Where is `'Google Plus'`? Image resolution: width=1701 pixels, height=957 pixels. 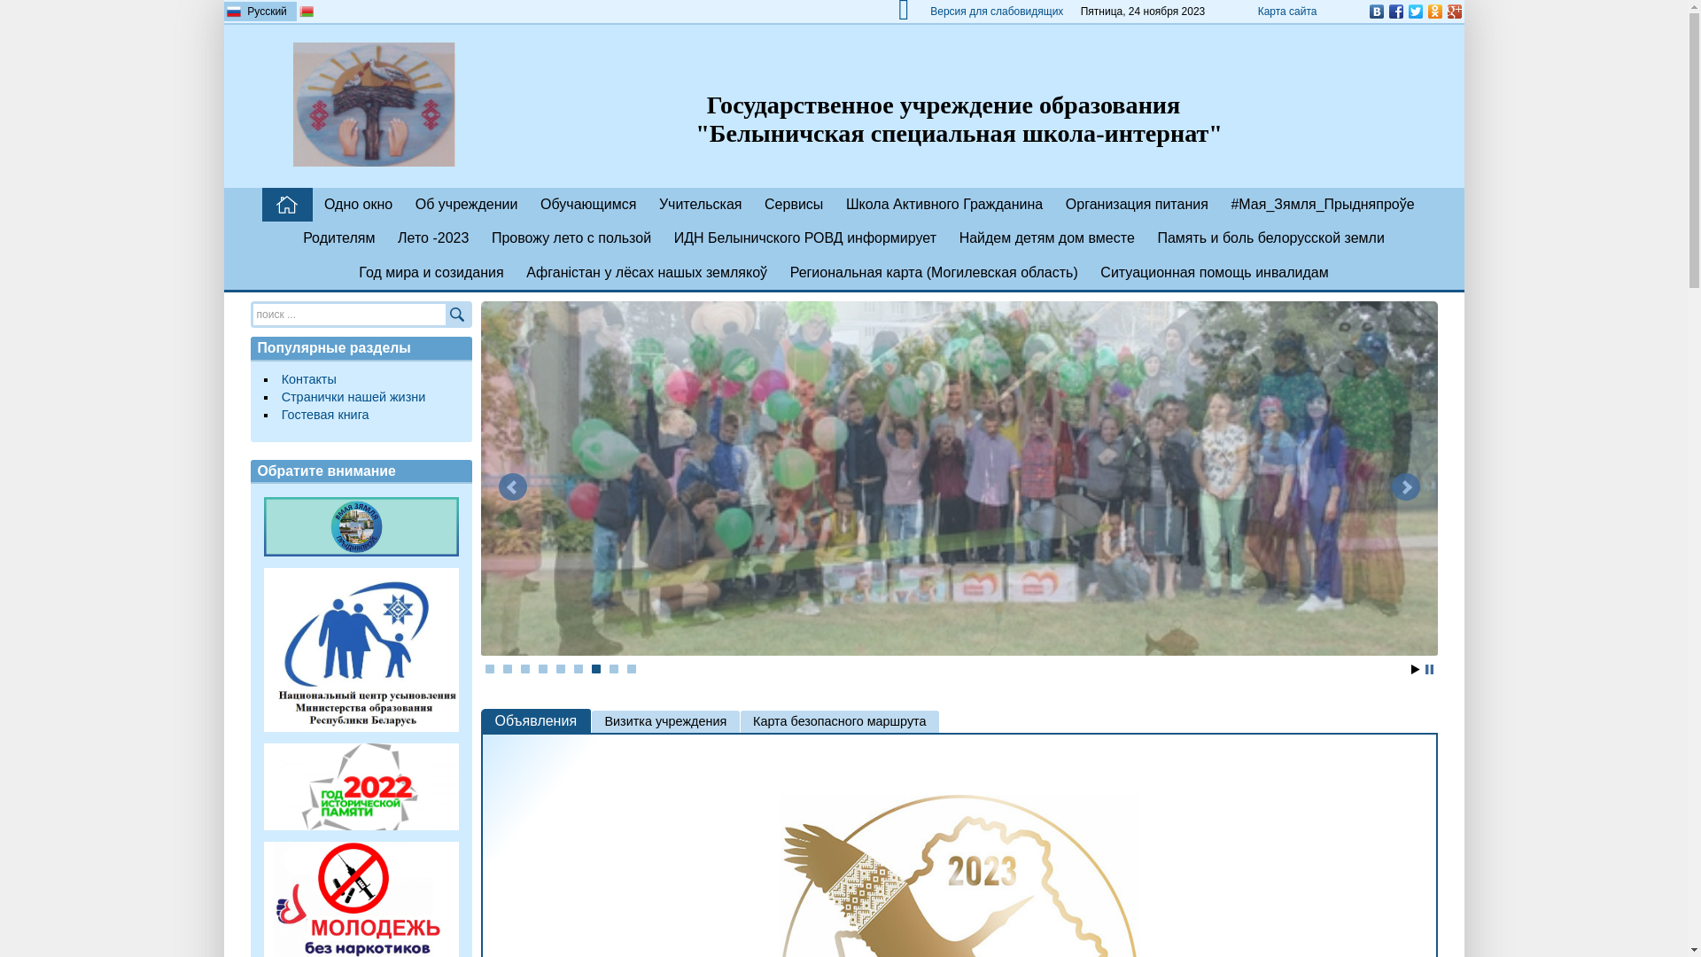 'Google Plus' is located at coordinates (1454, 11).